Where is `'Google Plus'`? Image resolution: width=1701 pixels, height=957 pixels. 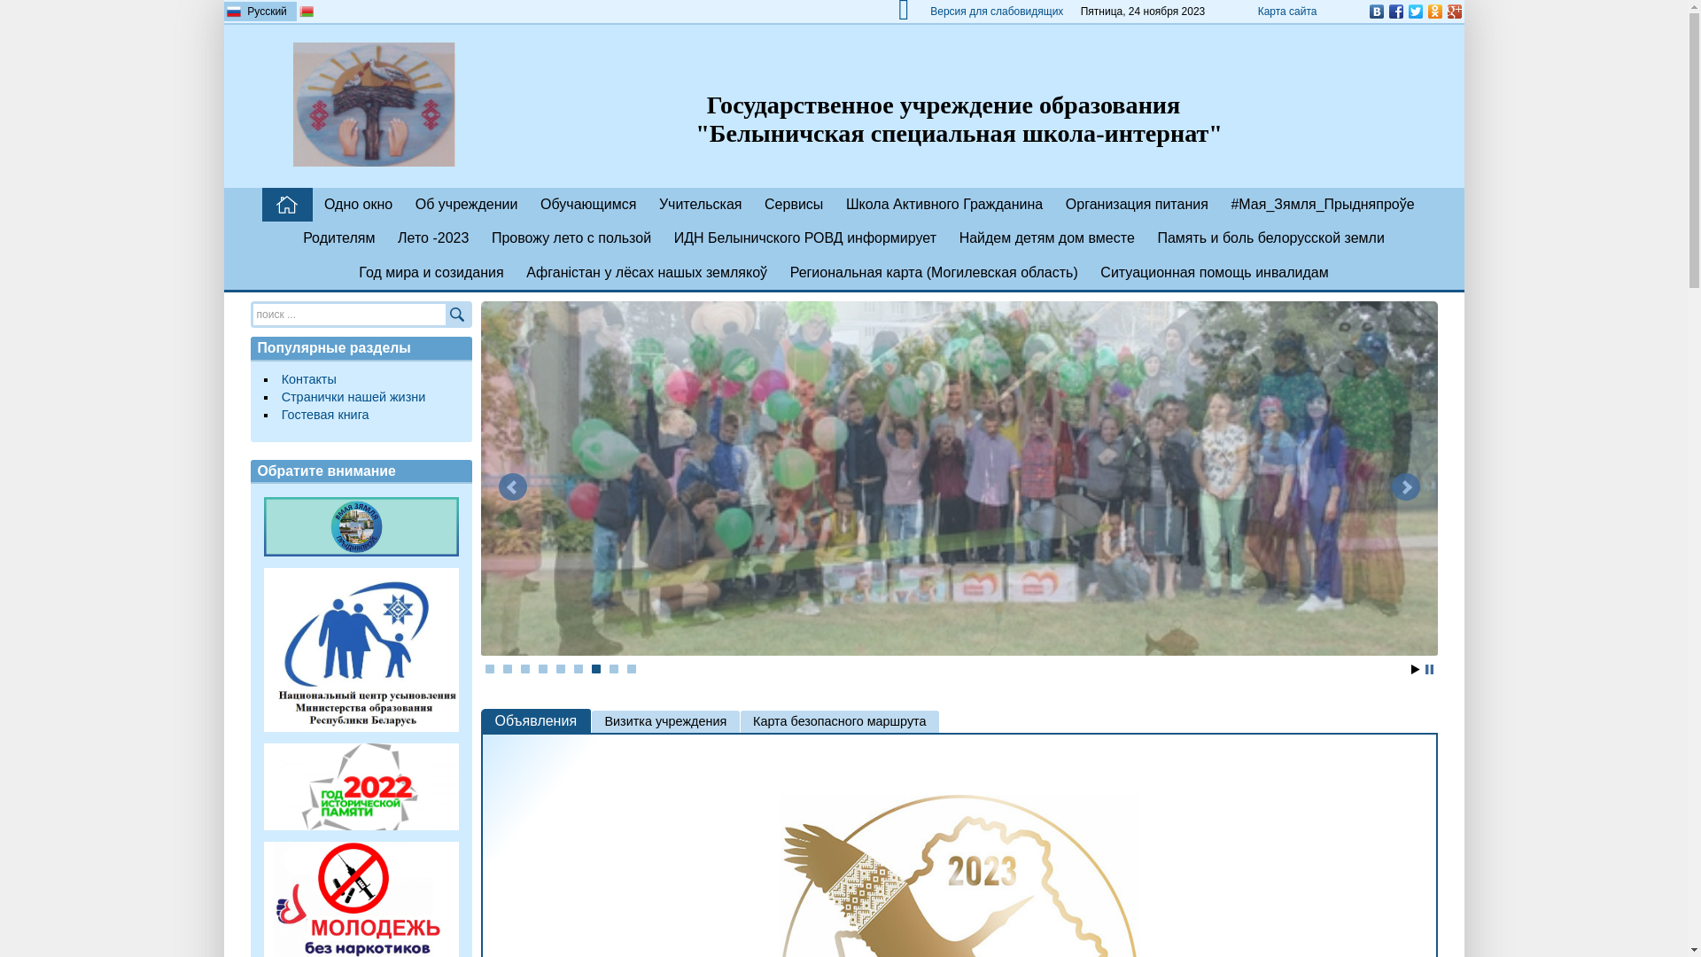 'Google Plus' is located at coordinates (1454, 11).